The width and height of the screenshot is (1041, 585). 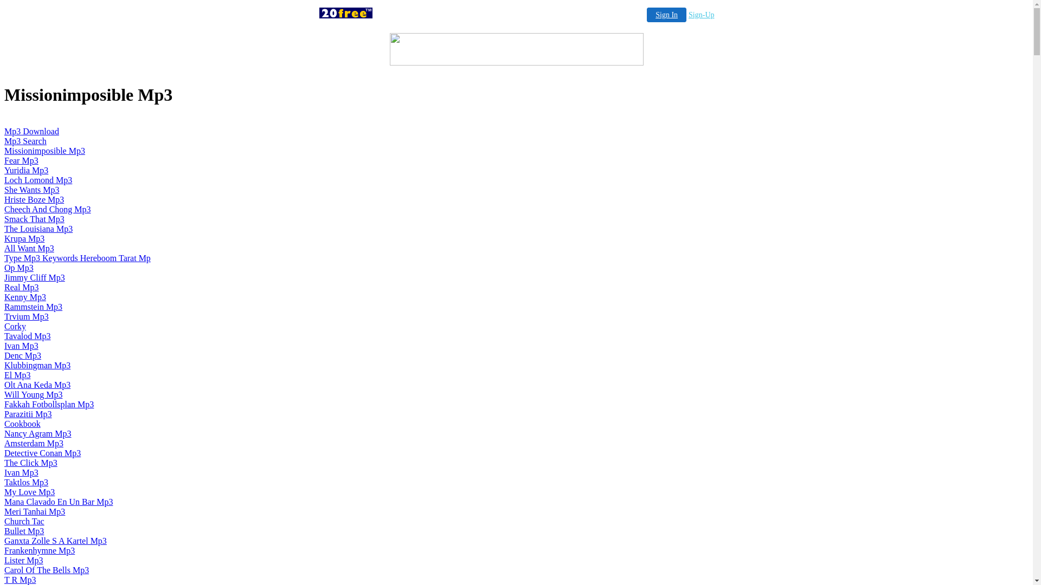 What do you see at coordinates (34, 277) in the screenshot?
I see `'Jimmy Cliff Mp3'` at bounding box center [34, 277].